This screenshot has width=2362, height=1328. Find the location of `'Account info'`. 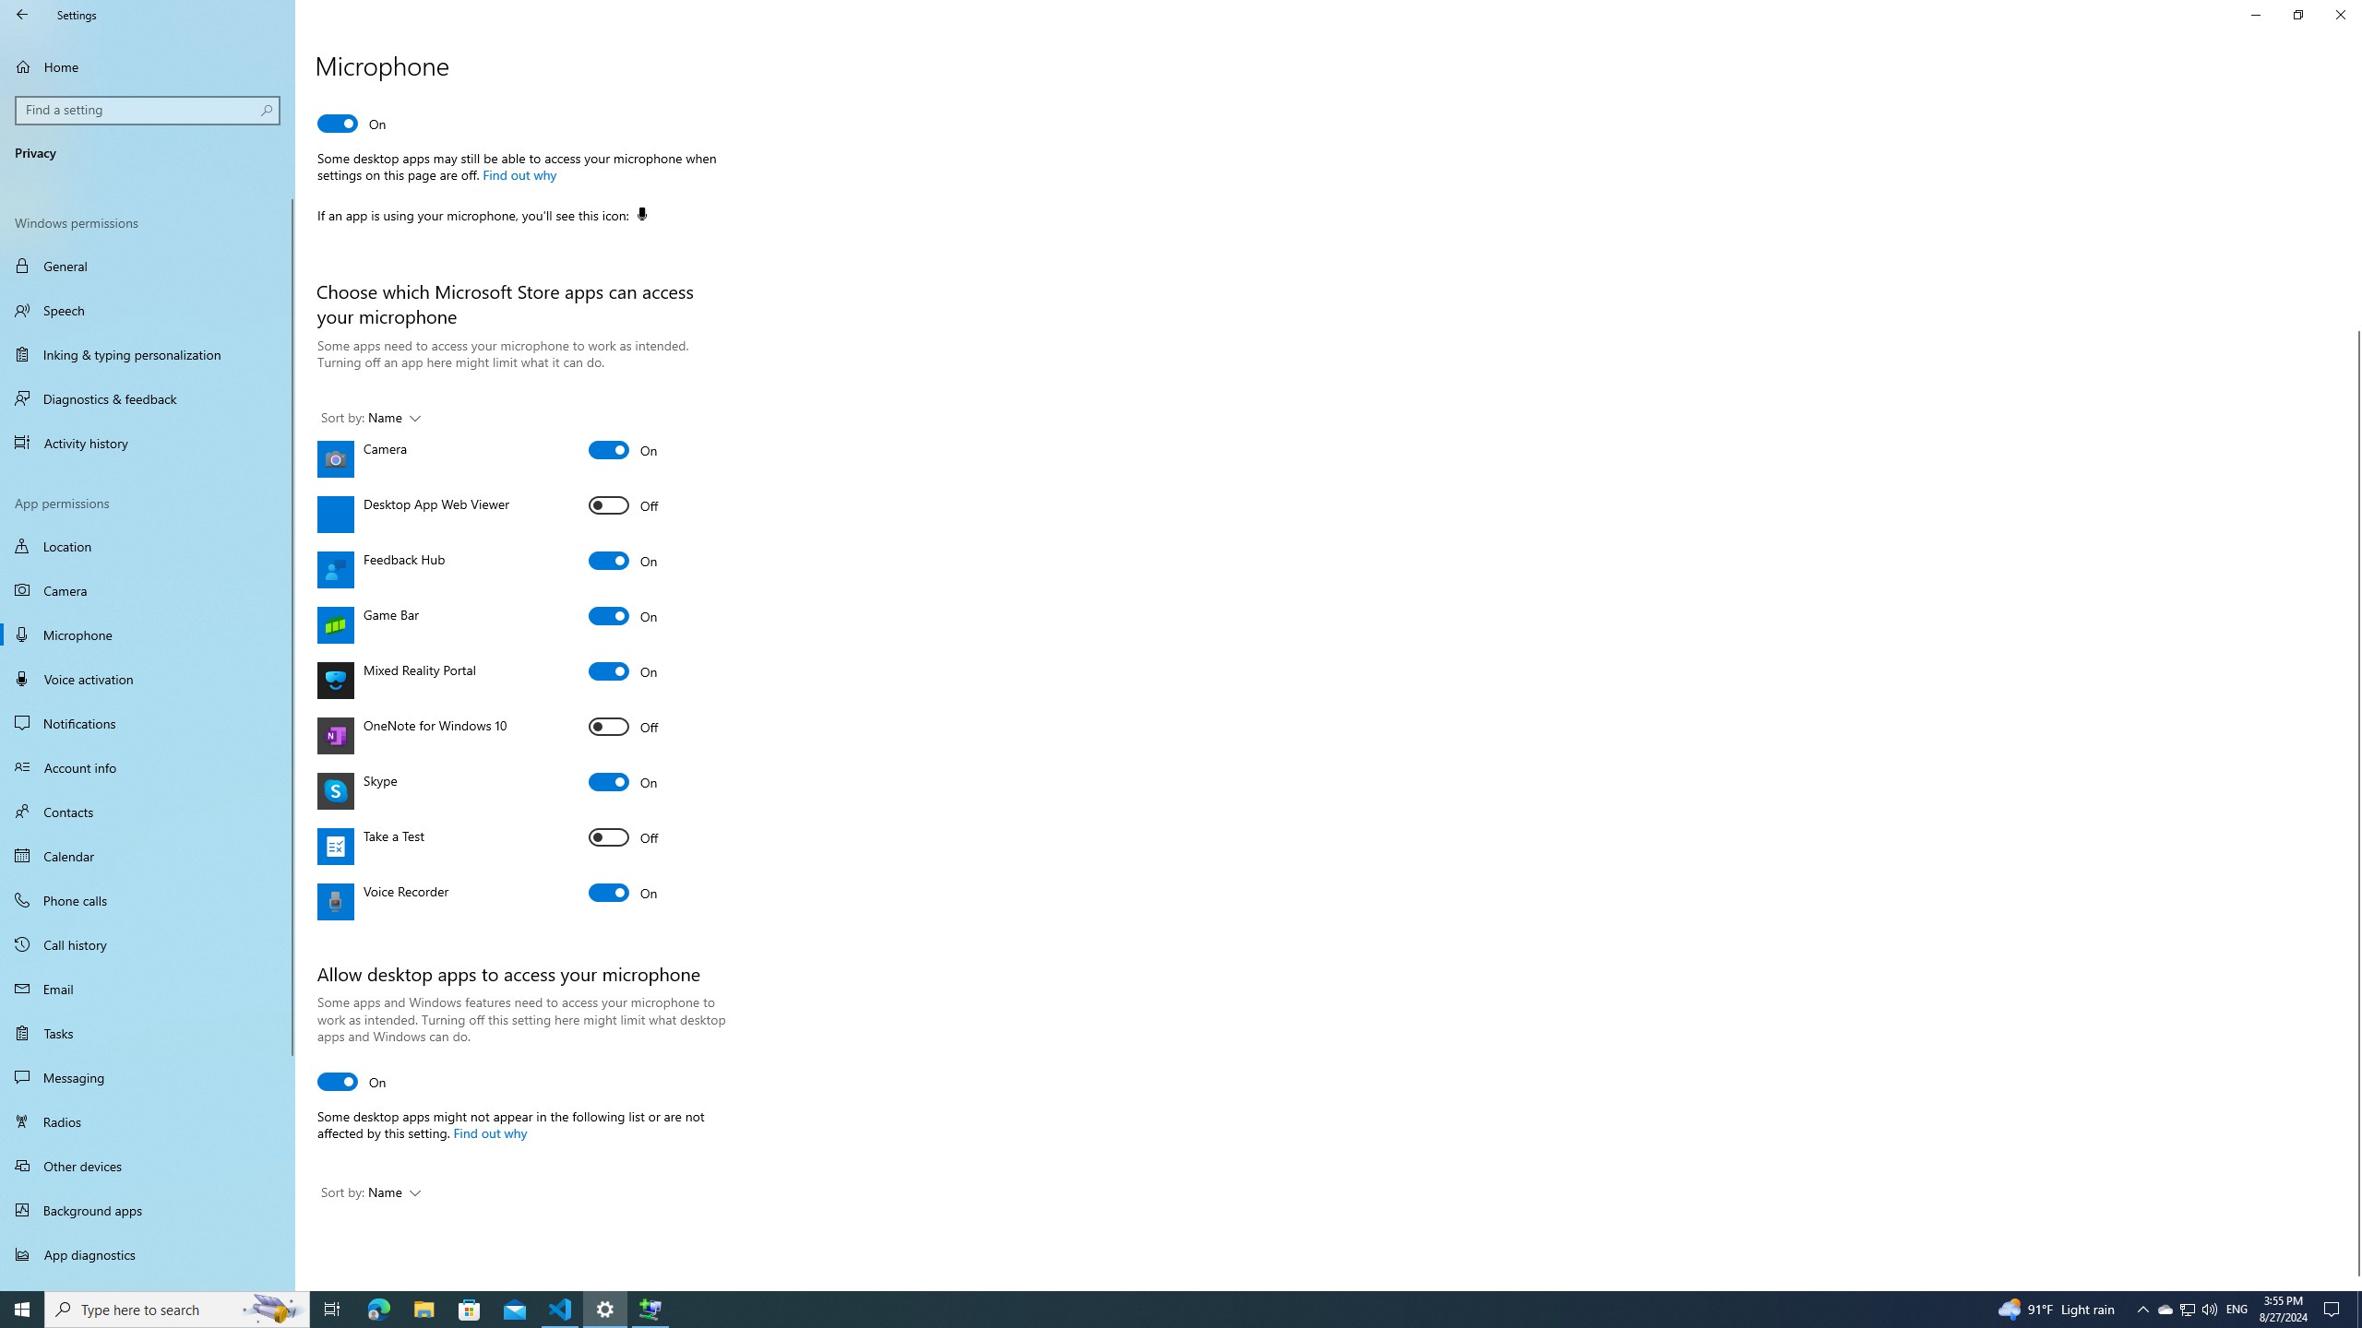

'Account info' is located at coordinates (147, 766).